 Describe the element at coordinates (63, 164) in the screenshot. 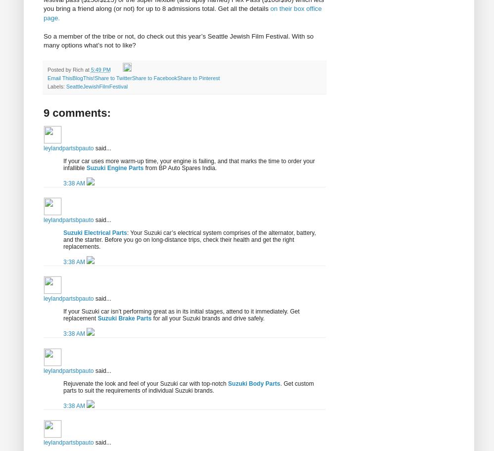

I see `'If your car uses more warm-up time, your engine is failing, and that marks the time to order your infallible'` at that location.